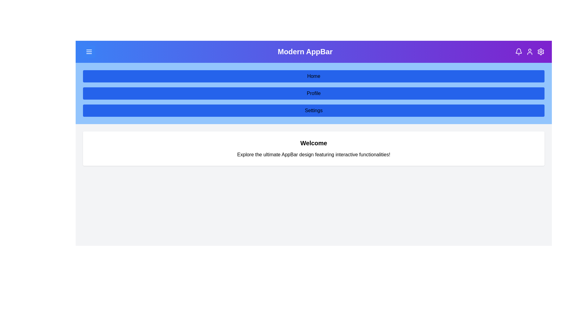 The width and height of the screenshot is (588, 331). I want to click on the menu icon to toggle the menu visibility, so click(89, 51).